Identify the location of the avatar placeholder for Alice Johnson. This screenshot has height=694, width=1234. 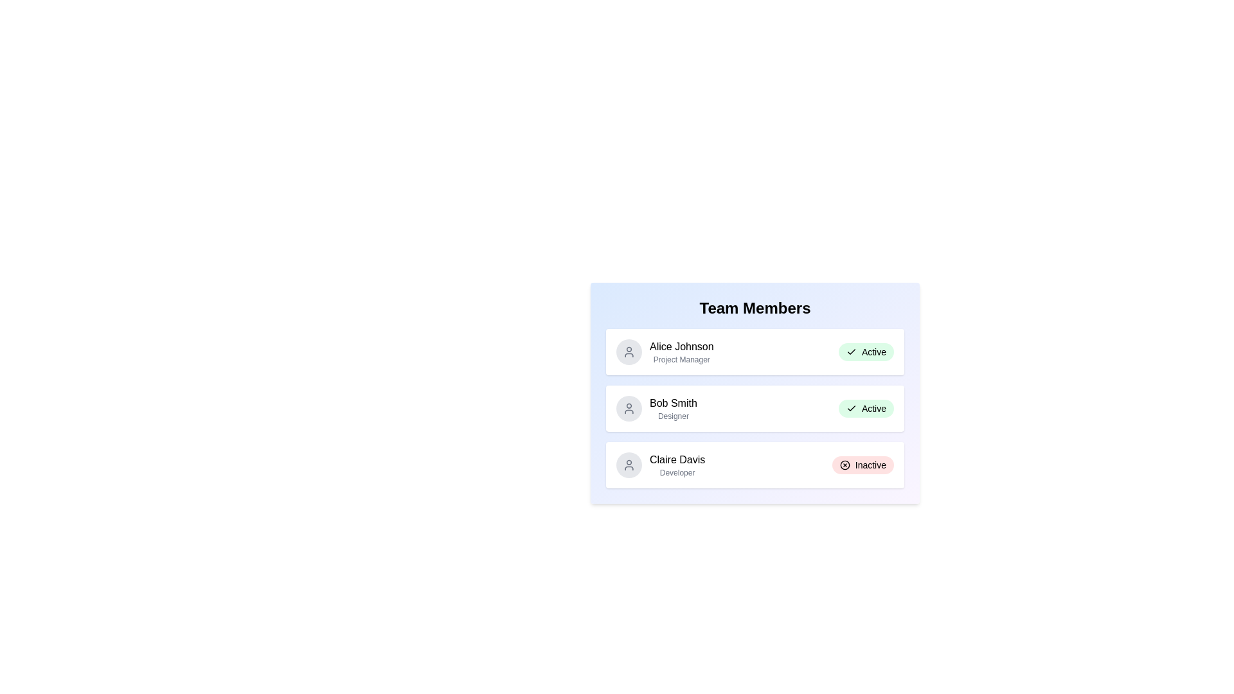
(629, 351).